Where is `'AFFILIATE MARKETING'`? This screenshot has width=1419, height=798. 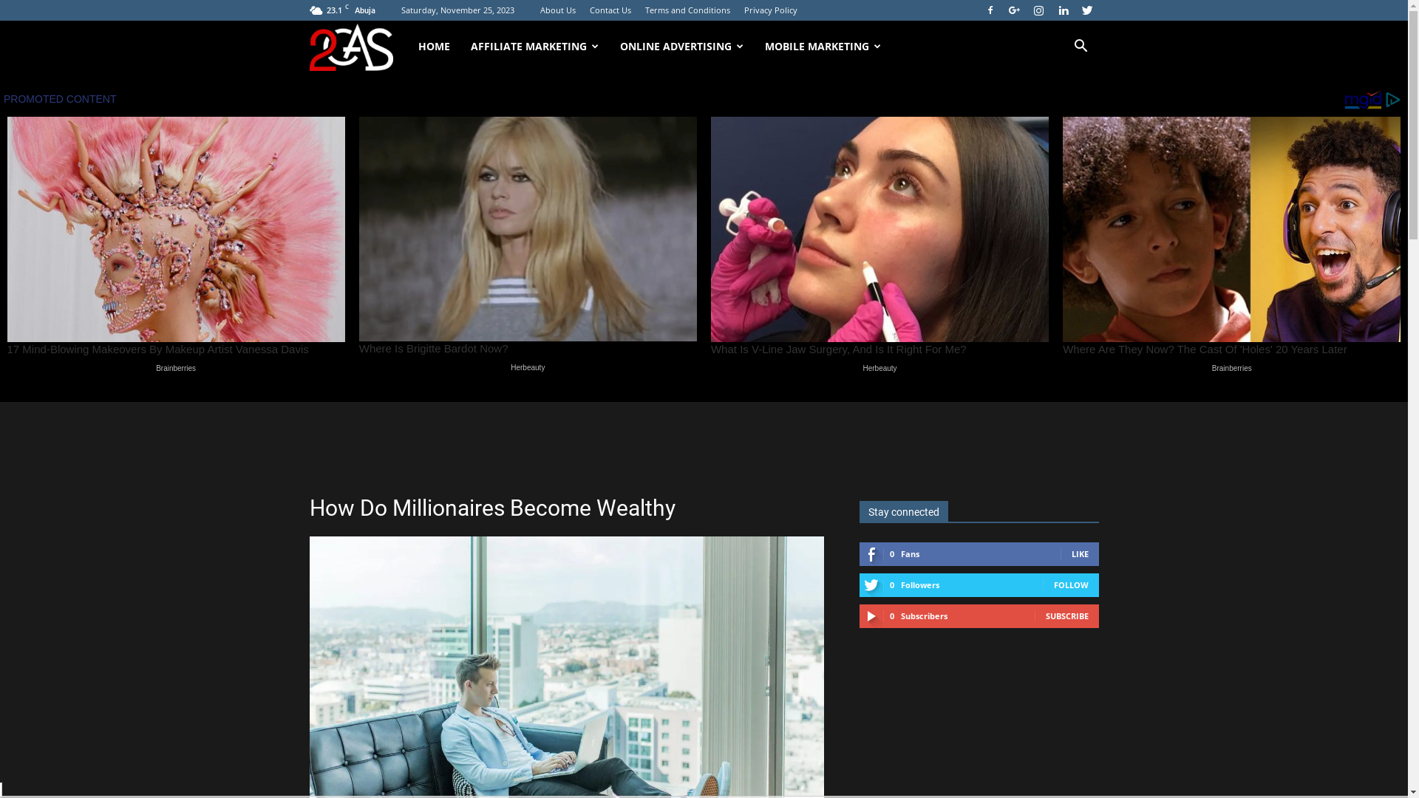 'AFFILIATE MARKETING' is located at coordinates (534, 45).